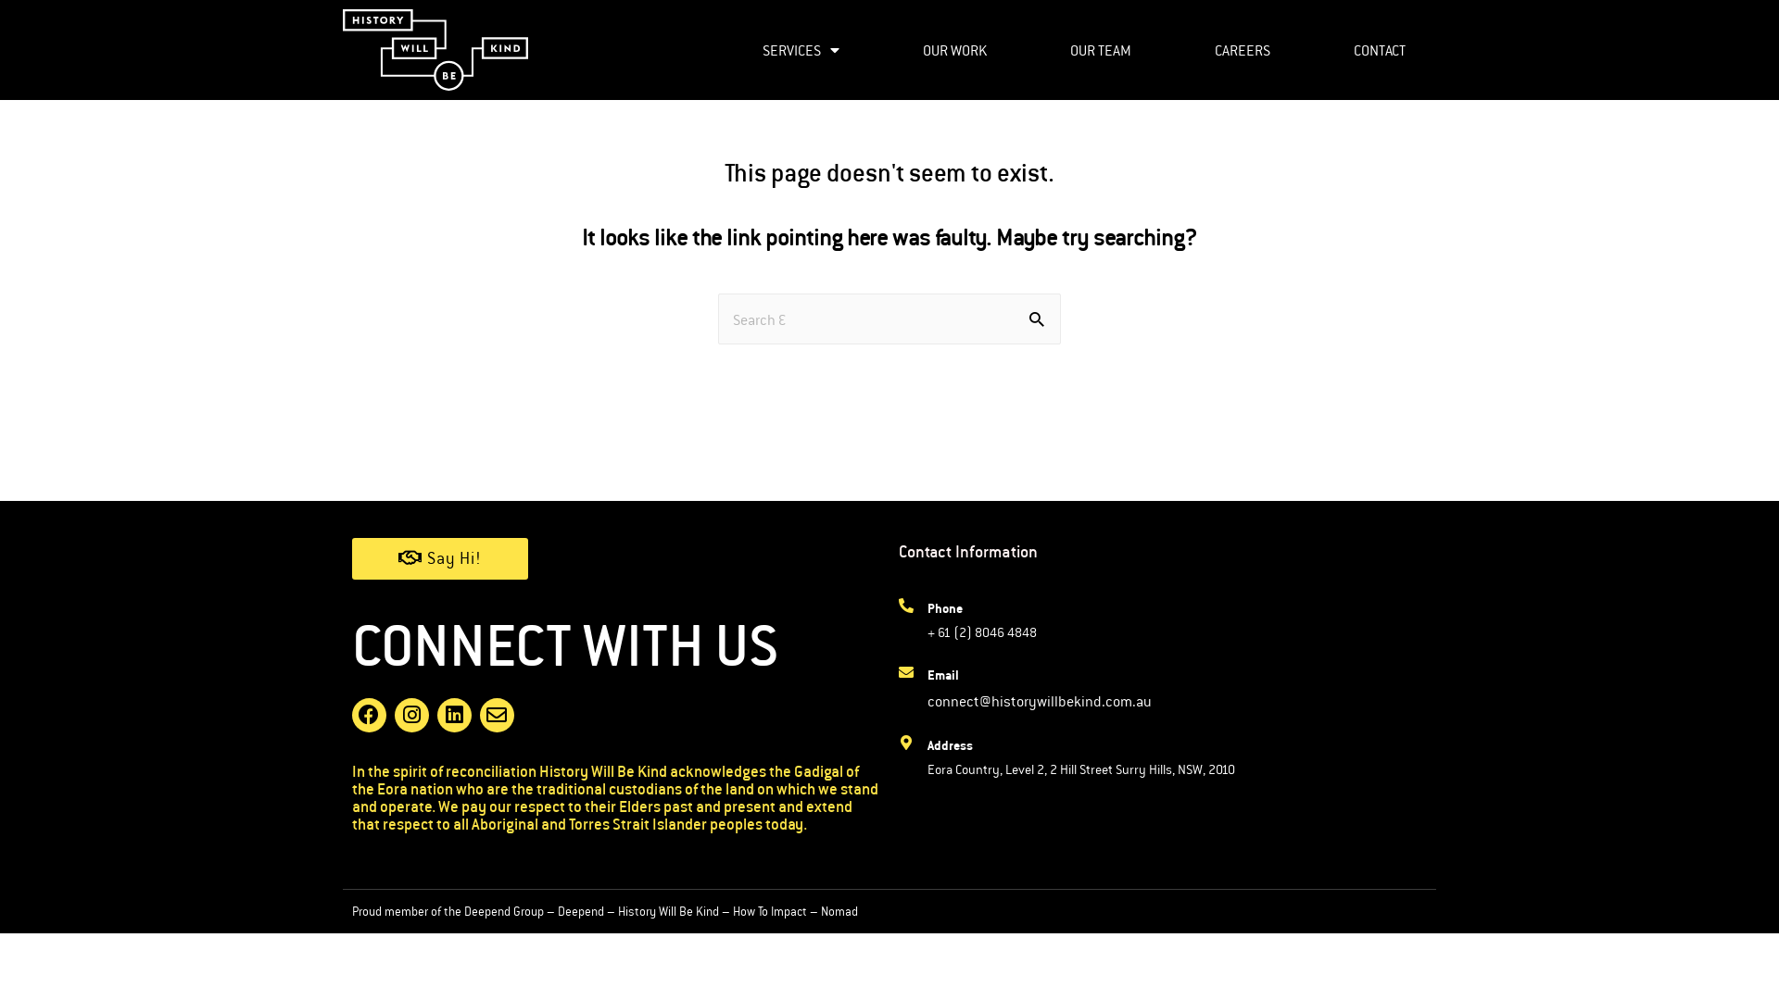  I want to click on 'Deepend Group', so click(463, 909).